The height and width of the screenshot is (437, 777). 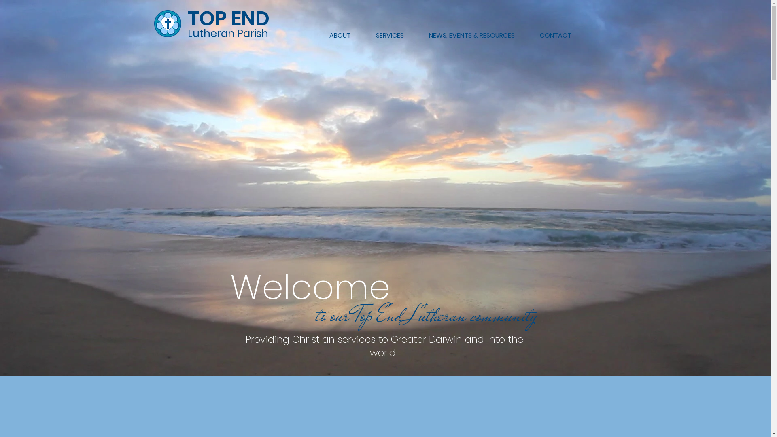 I want to click on 'Lutheran Parish', so click(x=187, y=33).